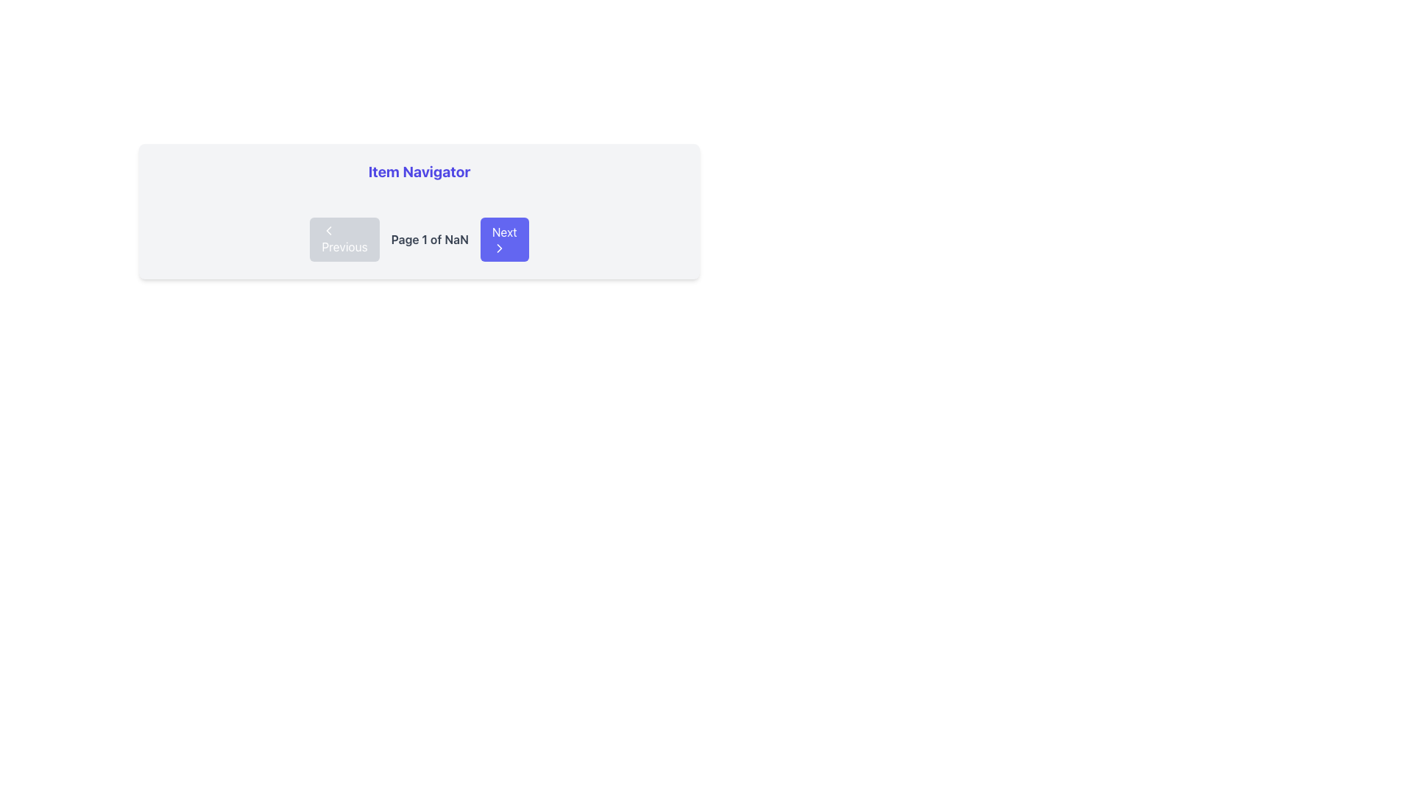  Describe the element at coordinates (499, 248) in the screenshot. I see `the triangular rightward-facing chevron icon embedded in the 'Next' button, located in the navigation area beside the pagination context text` at that location.